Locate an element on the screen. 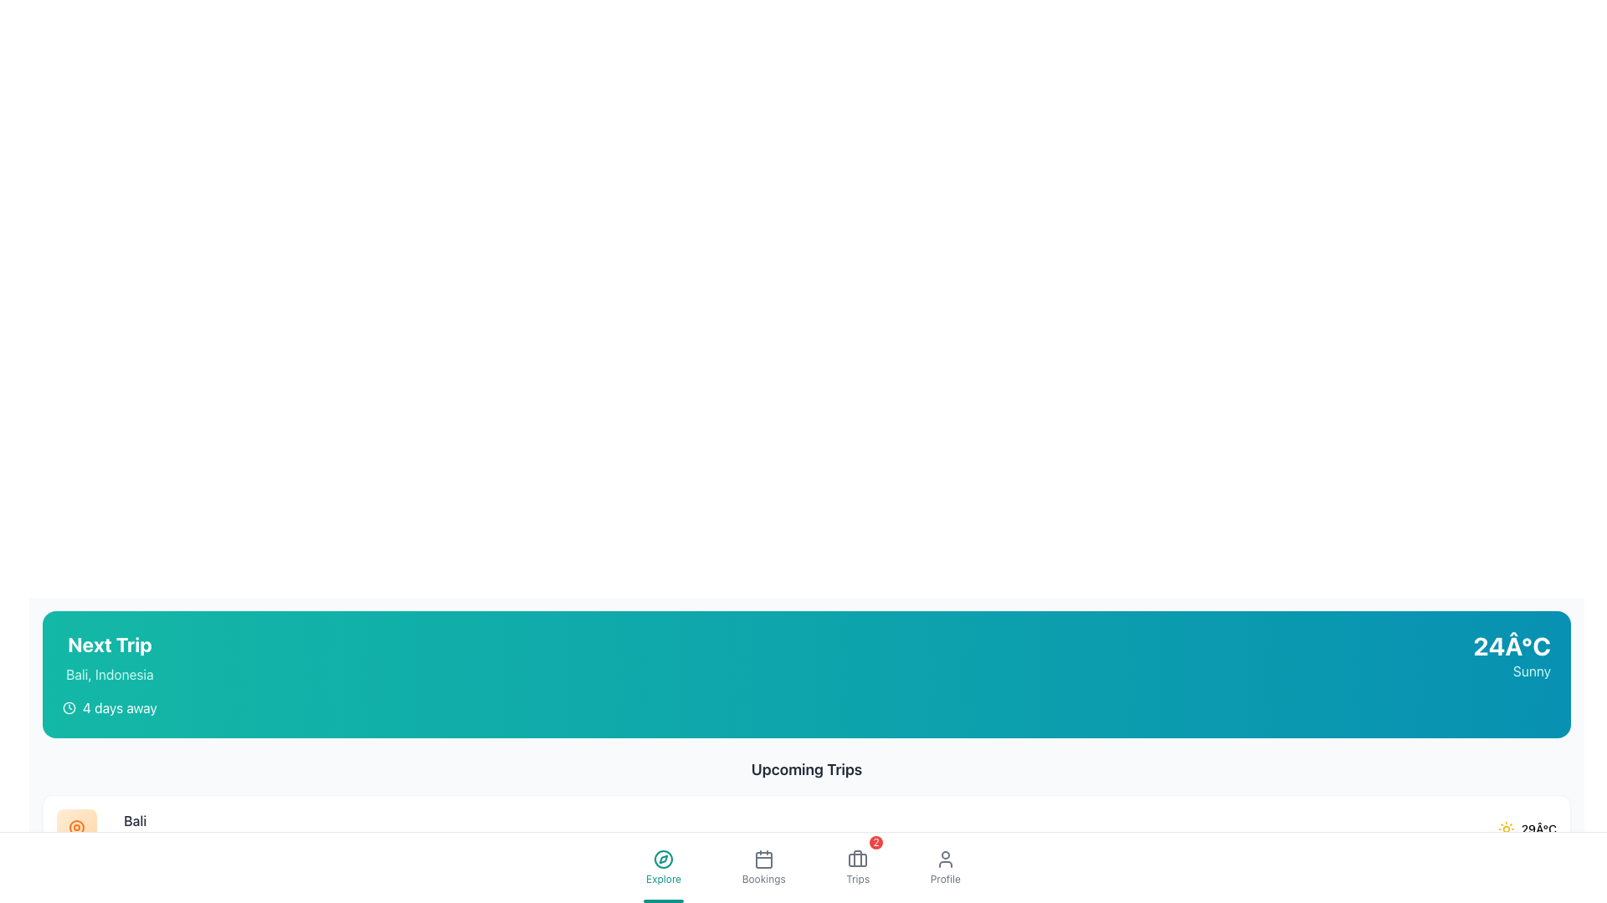 This screenshot has height=903, width=1607. the text '4 days away' which is located under the header 'Next Trip' and the subheading 'Bali, Indonesia' on the teal background is located at coordinates (109, 708).